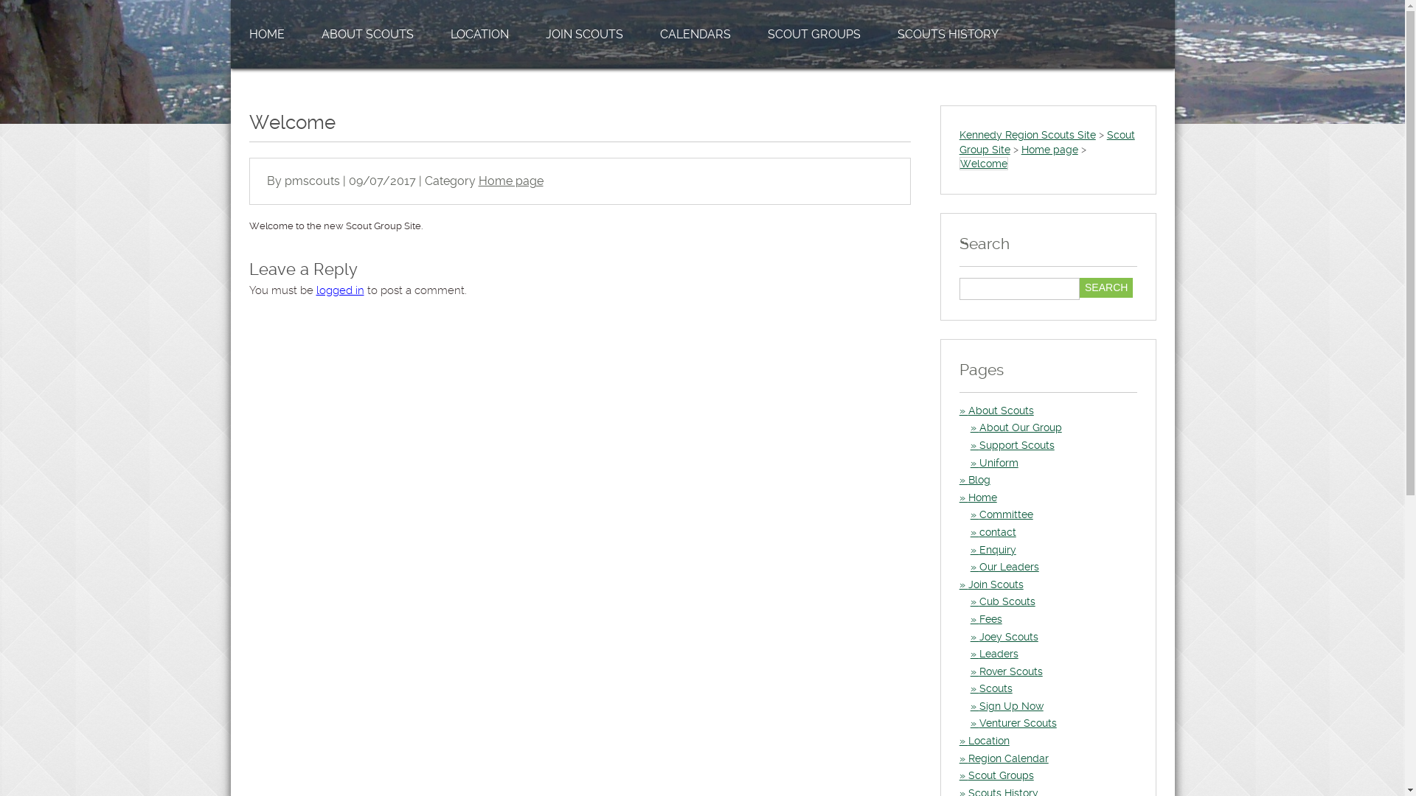 This screenshot has width=1416, height=796. I want to click on 'CALENDARS', so click(694, 33).